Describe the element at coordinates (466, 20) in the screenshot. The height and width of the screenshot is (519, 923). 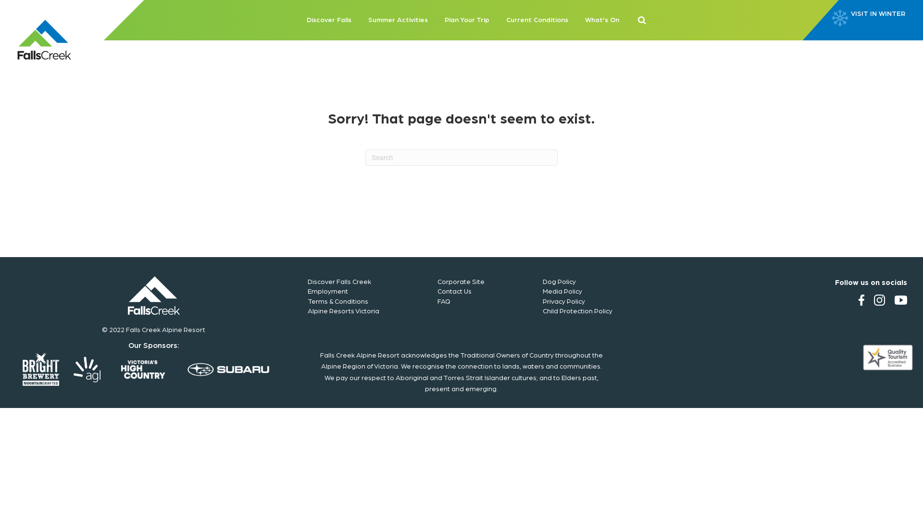
I see `'Plan Your Trip'` at that location.